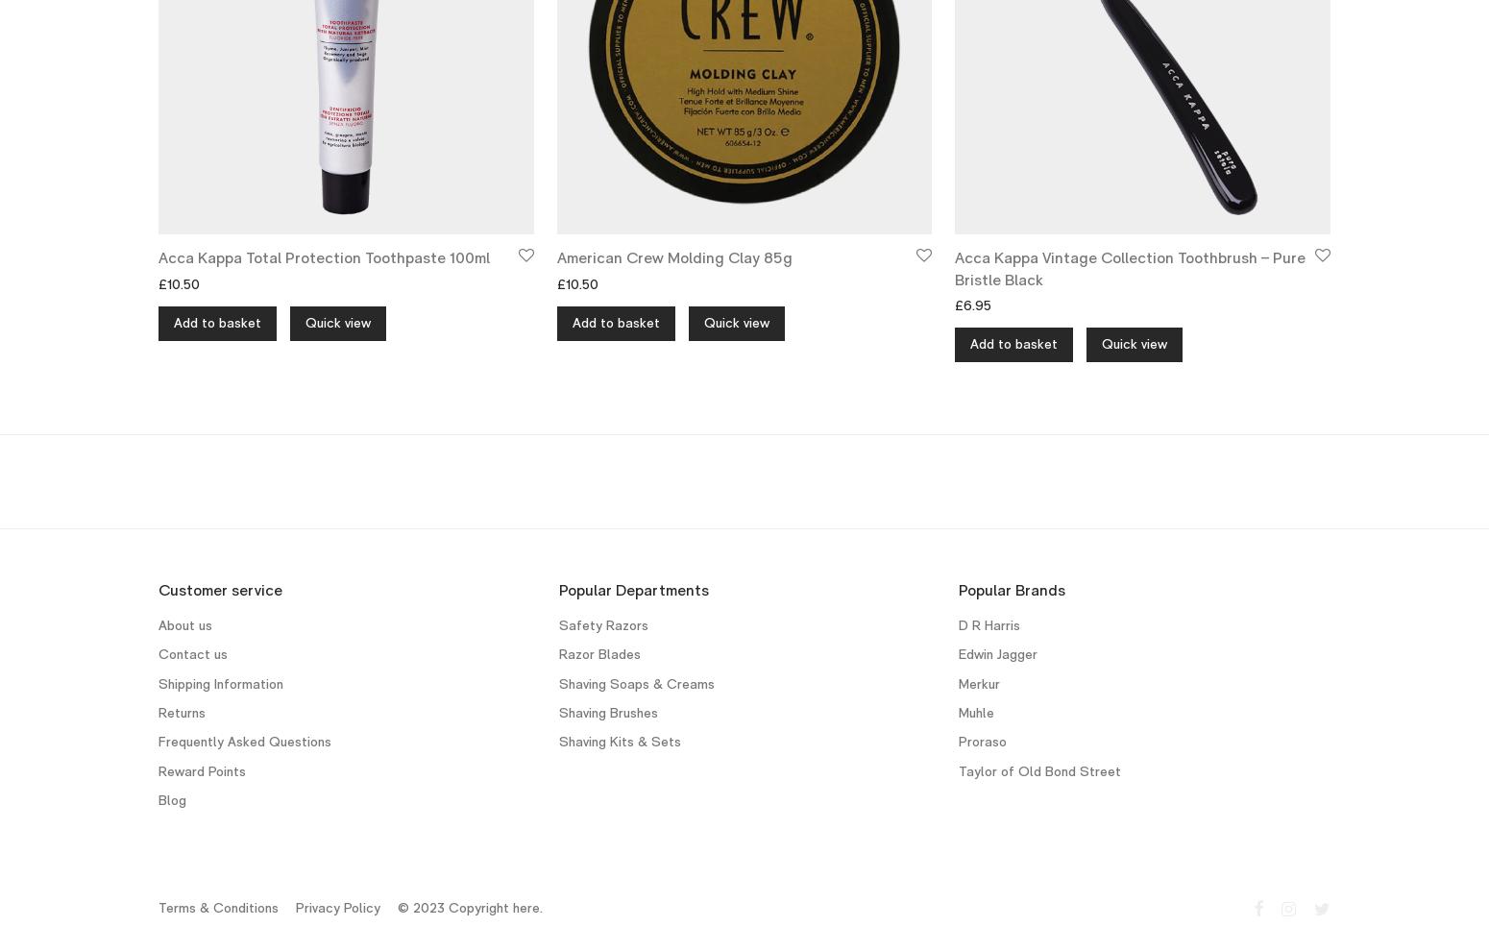 The image size is (1489, 951). I want to click on 'Popular Brands', so click(1012, 588).